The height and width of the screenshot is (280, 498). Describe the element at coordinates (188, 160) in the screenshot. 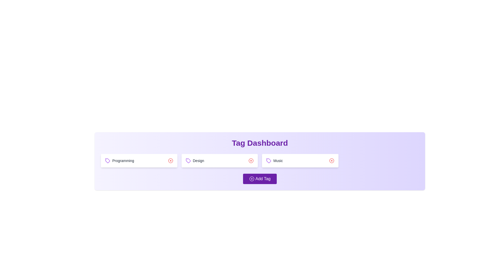

I see `the decorative SVG icon in the second label box from the left under the 'Tag Dashboard' header` at that location.